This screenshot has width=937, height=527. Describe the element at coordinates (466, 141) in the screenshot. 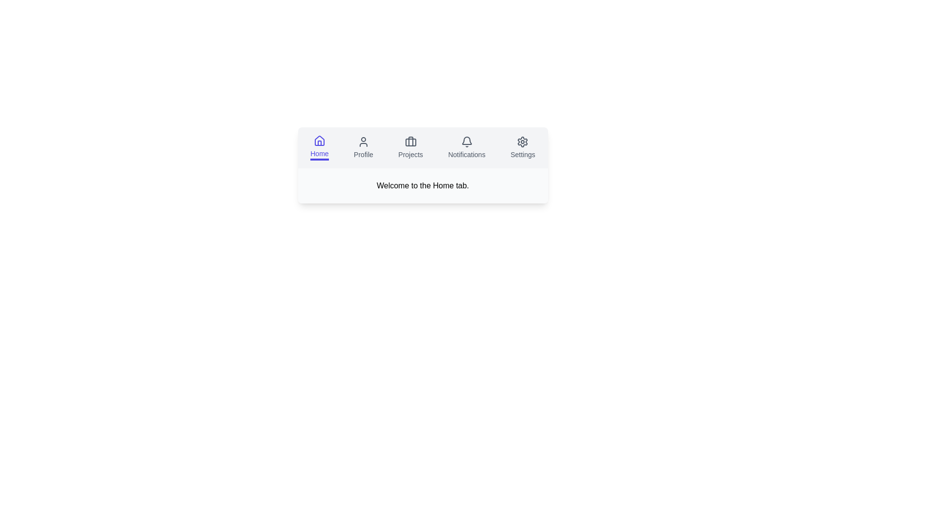

I see `the bell icon segment representing notifications in the navigation section of the interface` at that location.